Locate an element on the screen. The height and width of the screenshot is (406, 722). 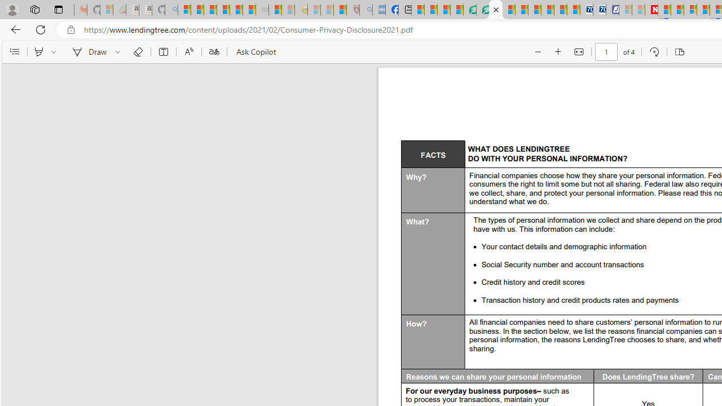
'Robert H. Shmerling, MD - Harvard Health - Sleeping' is located at coordinates (352, 10).